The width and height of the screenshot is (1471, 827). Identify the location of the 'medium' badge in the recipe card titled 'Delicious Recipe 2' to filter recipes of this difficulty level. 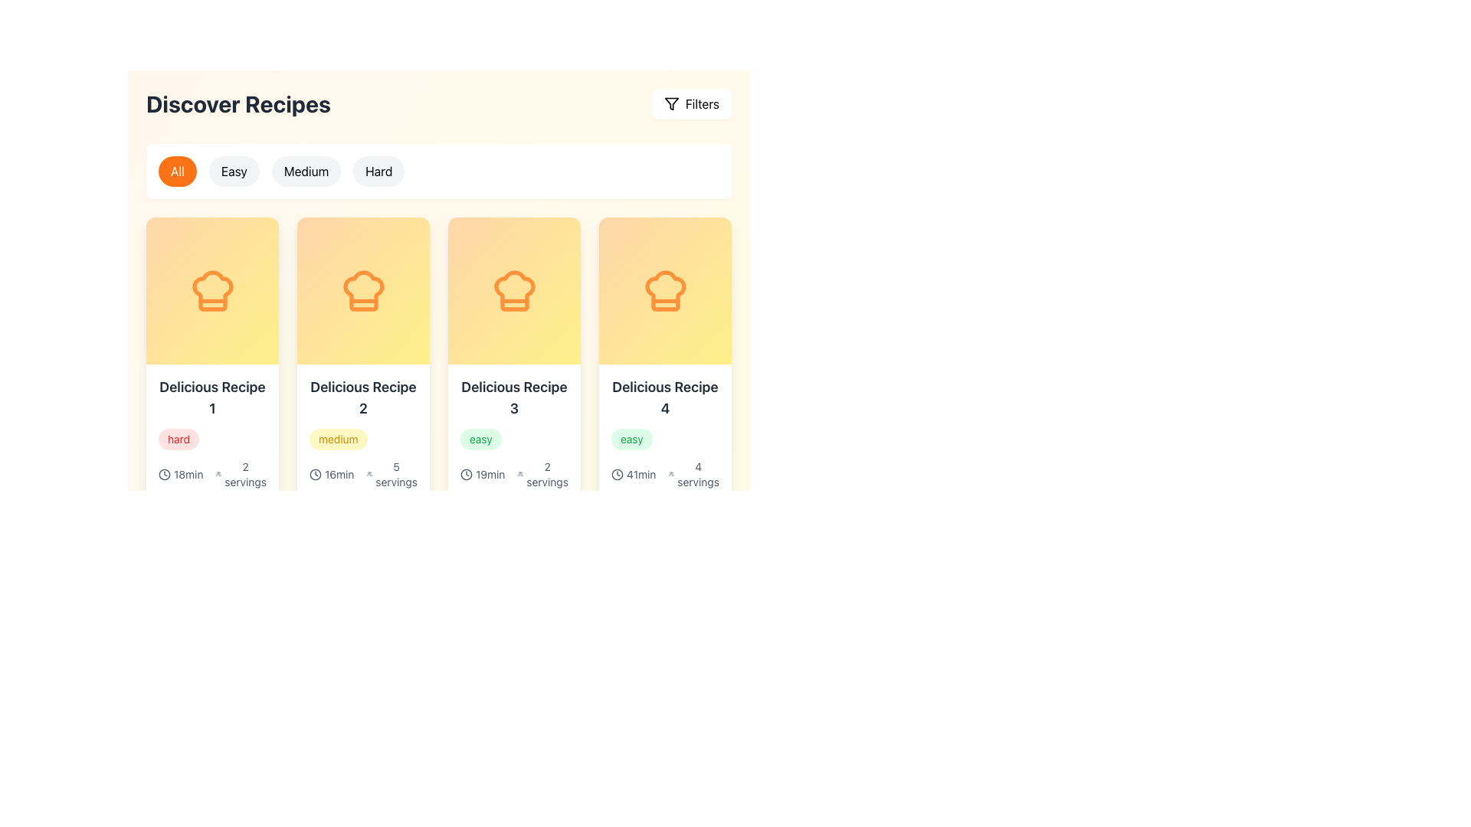
(362, 451).